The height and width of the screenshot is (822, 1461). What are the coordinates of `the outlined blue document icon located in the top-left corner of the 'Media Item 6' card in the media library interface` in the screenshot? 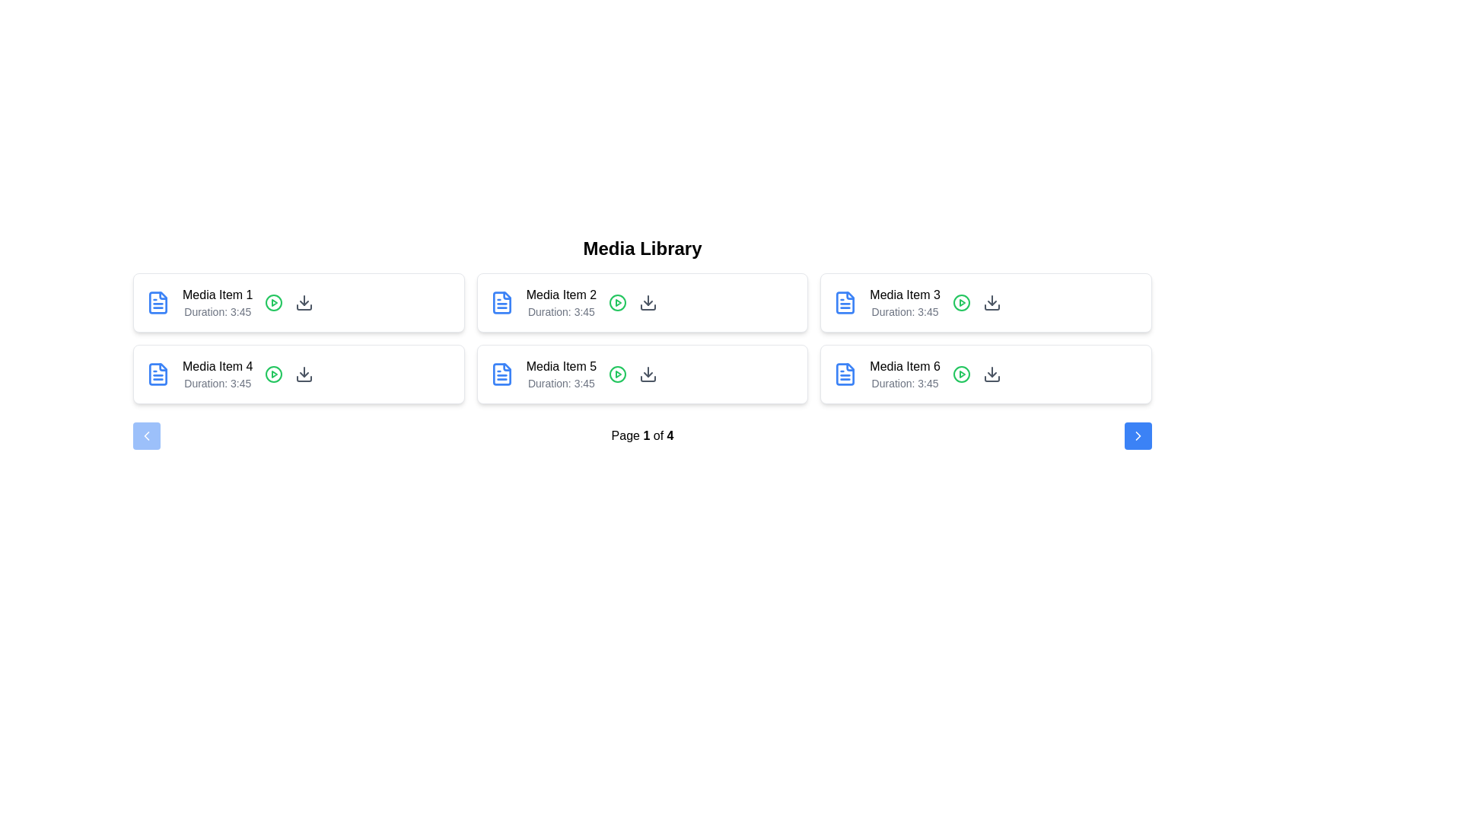 It's located at (845, 374).